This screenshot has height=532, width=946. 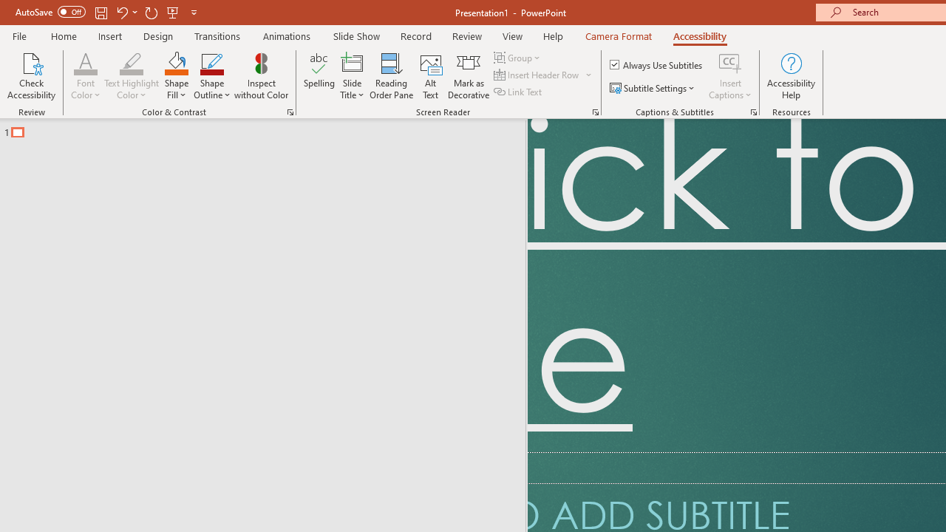 What do you see at coordinates (173, 12) in the screenshot?
I see `'From Beginning'` at bounding box center [173, 12].